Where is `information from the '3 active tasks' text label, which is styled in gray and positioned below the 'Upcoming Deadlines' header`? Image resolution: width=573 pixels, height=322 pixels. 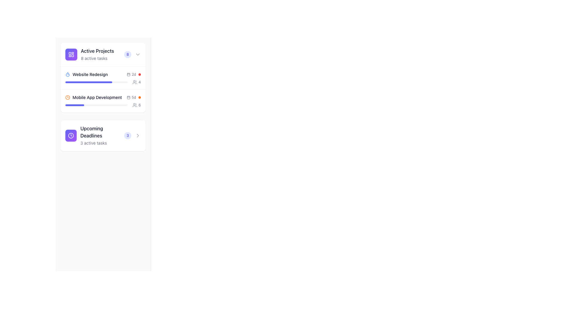
information from the '3 active tasks' text label, which is styled in gray and positioned below the 'Upcoming Deadlines' header is located at coordinates (93, 143).